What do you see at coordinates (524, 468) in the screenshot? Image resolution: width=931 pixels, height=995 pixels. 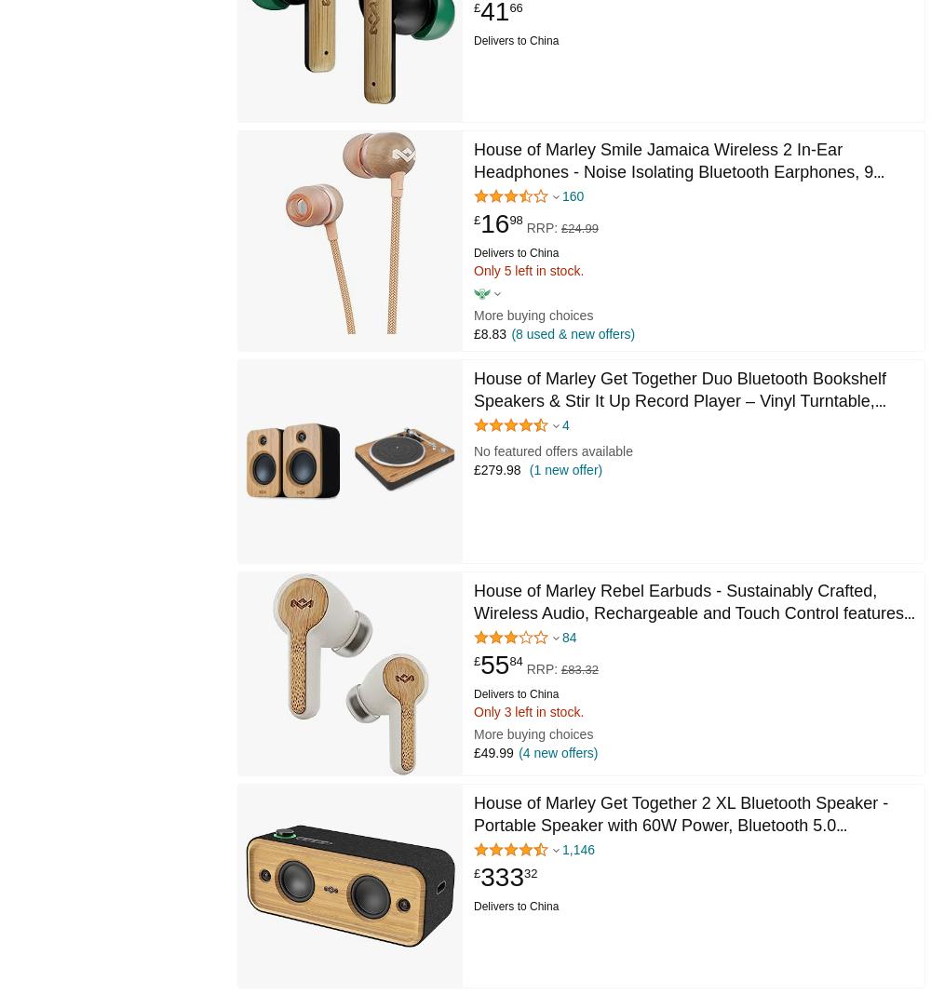 I see `'(1 new offer)'` at bounding box center [524, 468].